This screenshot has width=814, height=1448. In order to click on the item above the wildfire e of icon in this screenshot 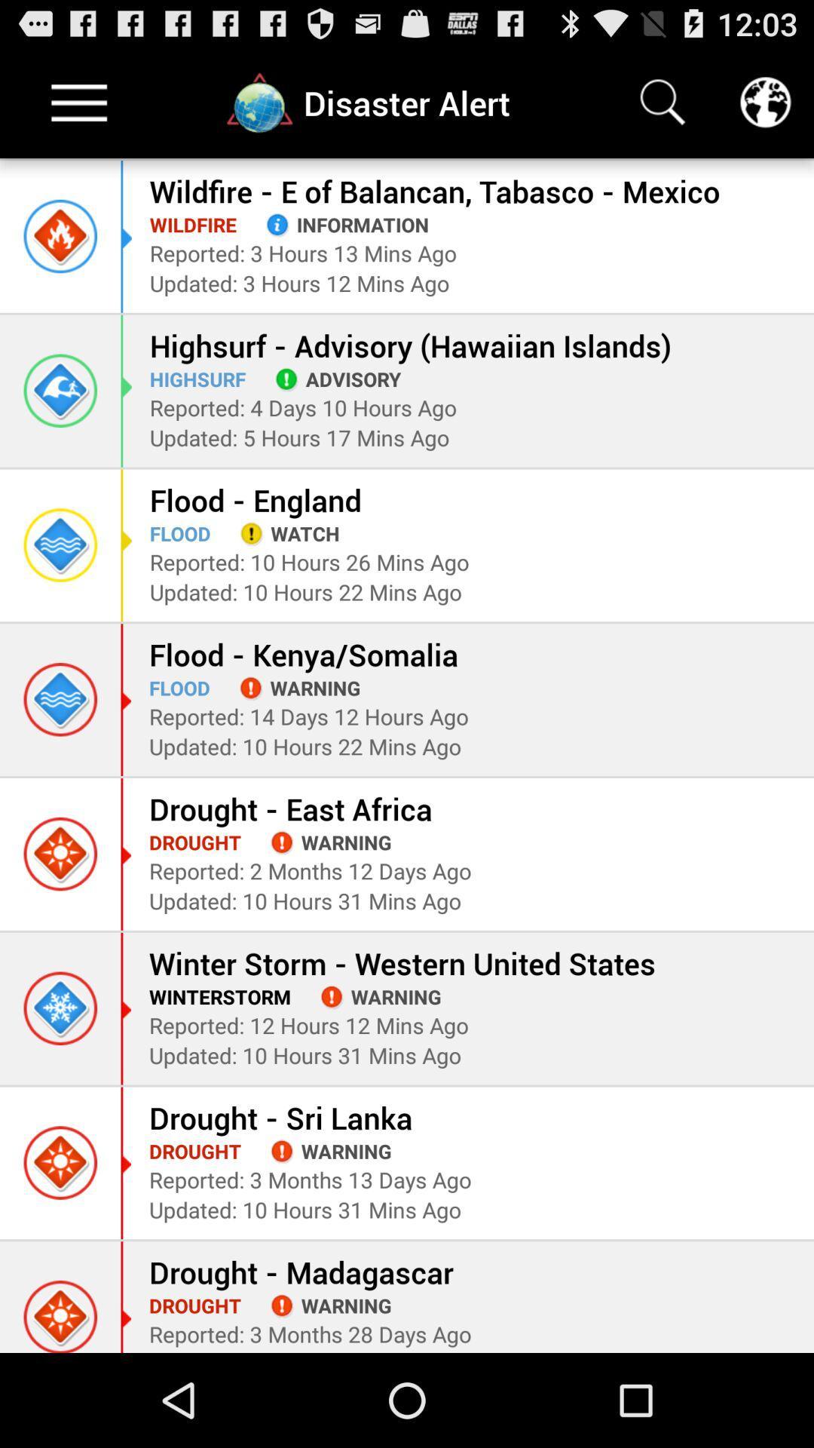, I will do `click(765, 102)`.